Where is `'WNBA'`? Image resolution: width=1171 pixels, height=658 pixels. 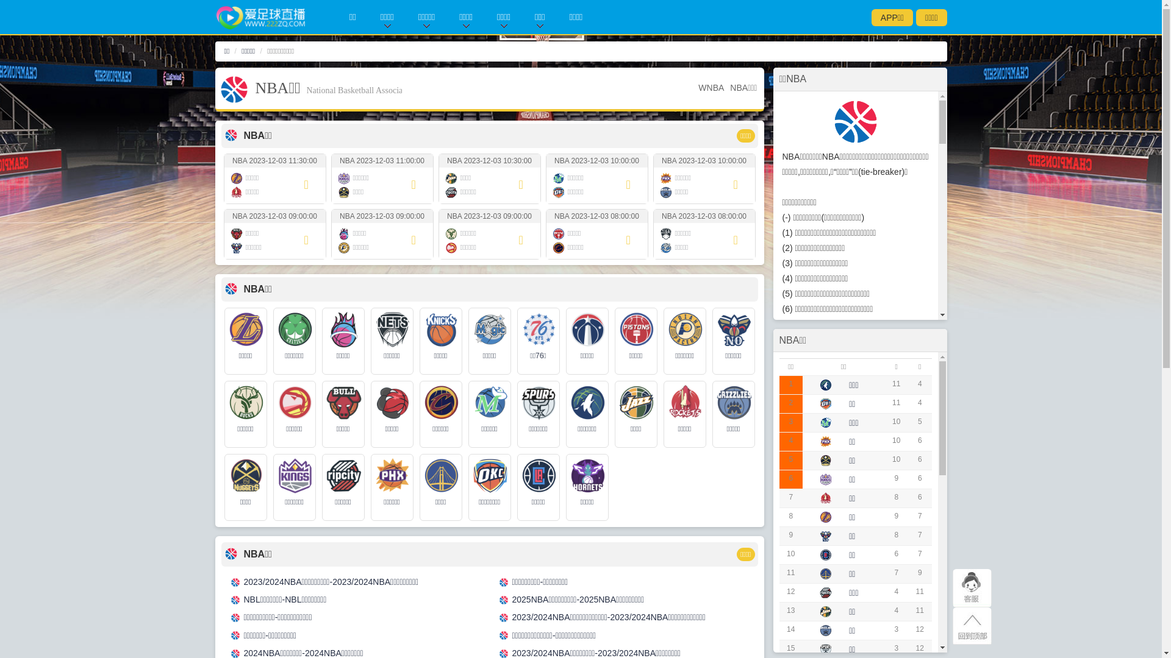 'WNBA' is located at coordinates (711, 87).